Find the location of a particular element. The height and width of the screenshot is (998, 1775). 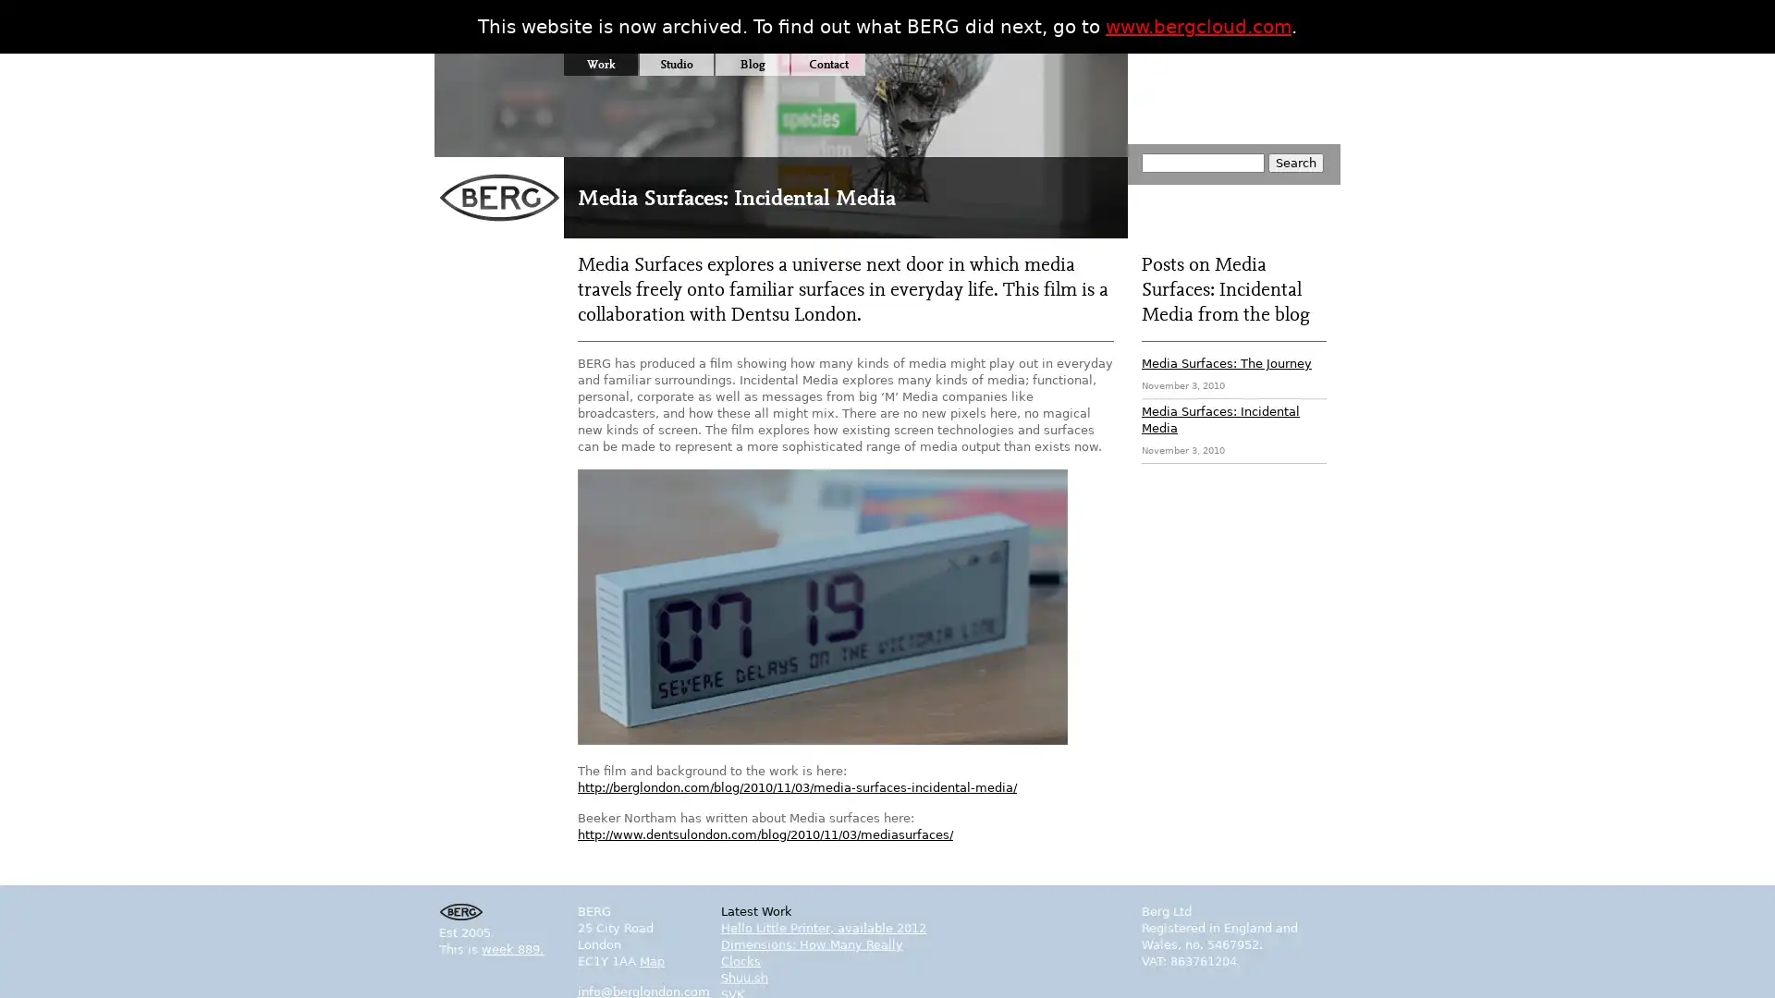

Search is located at coordinates (1294, 162).